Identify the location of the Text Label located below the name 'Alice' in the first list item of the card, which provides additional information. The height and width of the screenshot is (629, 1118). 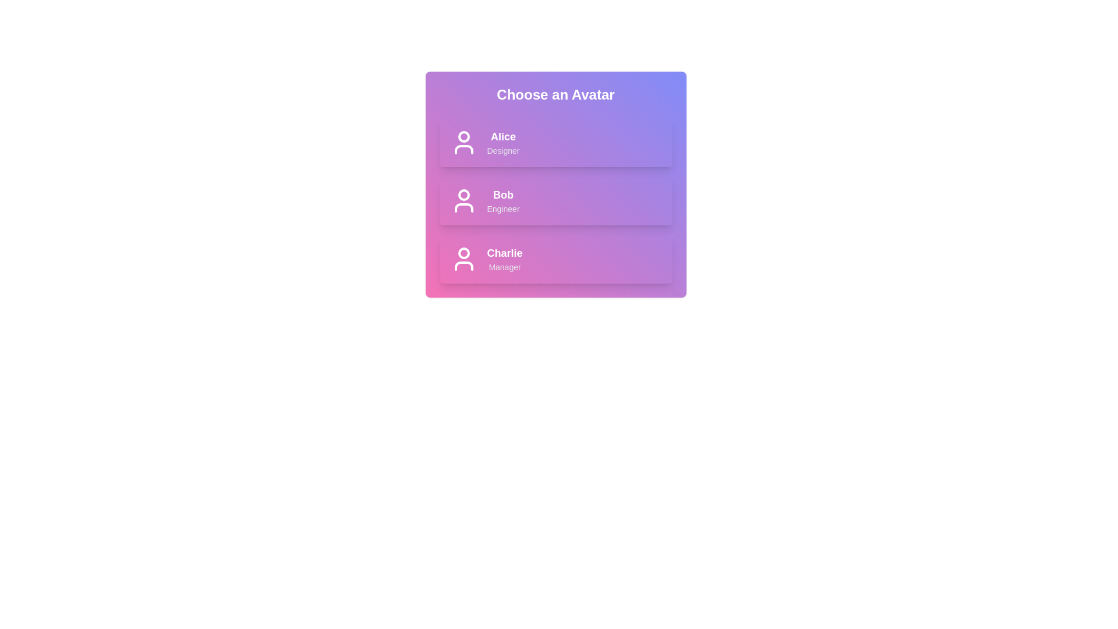
(503, 150).